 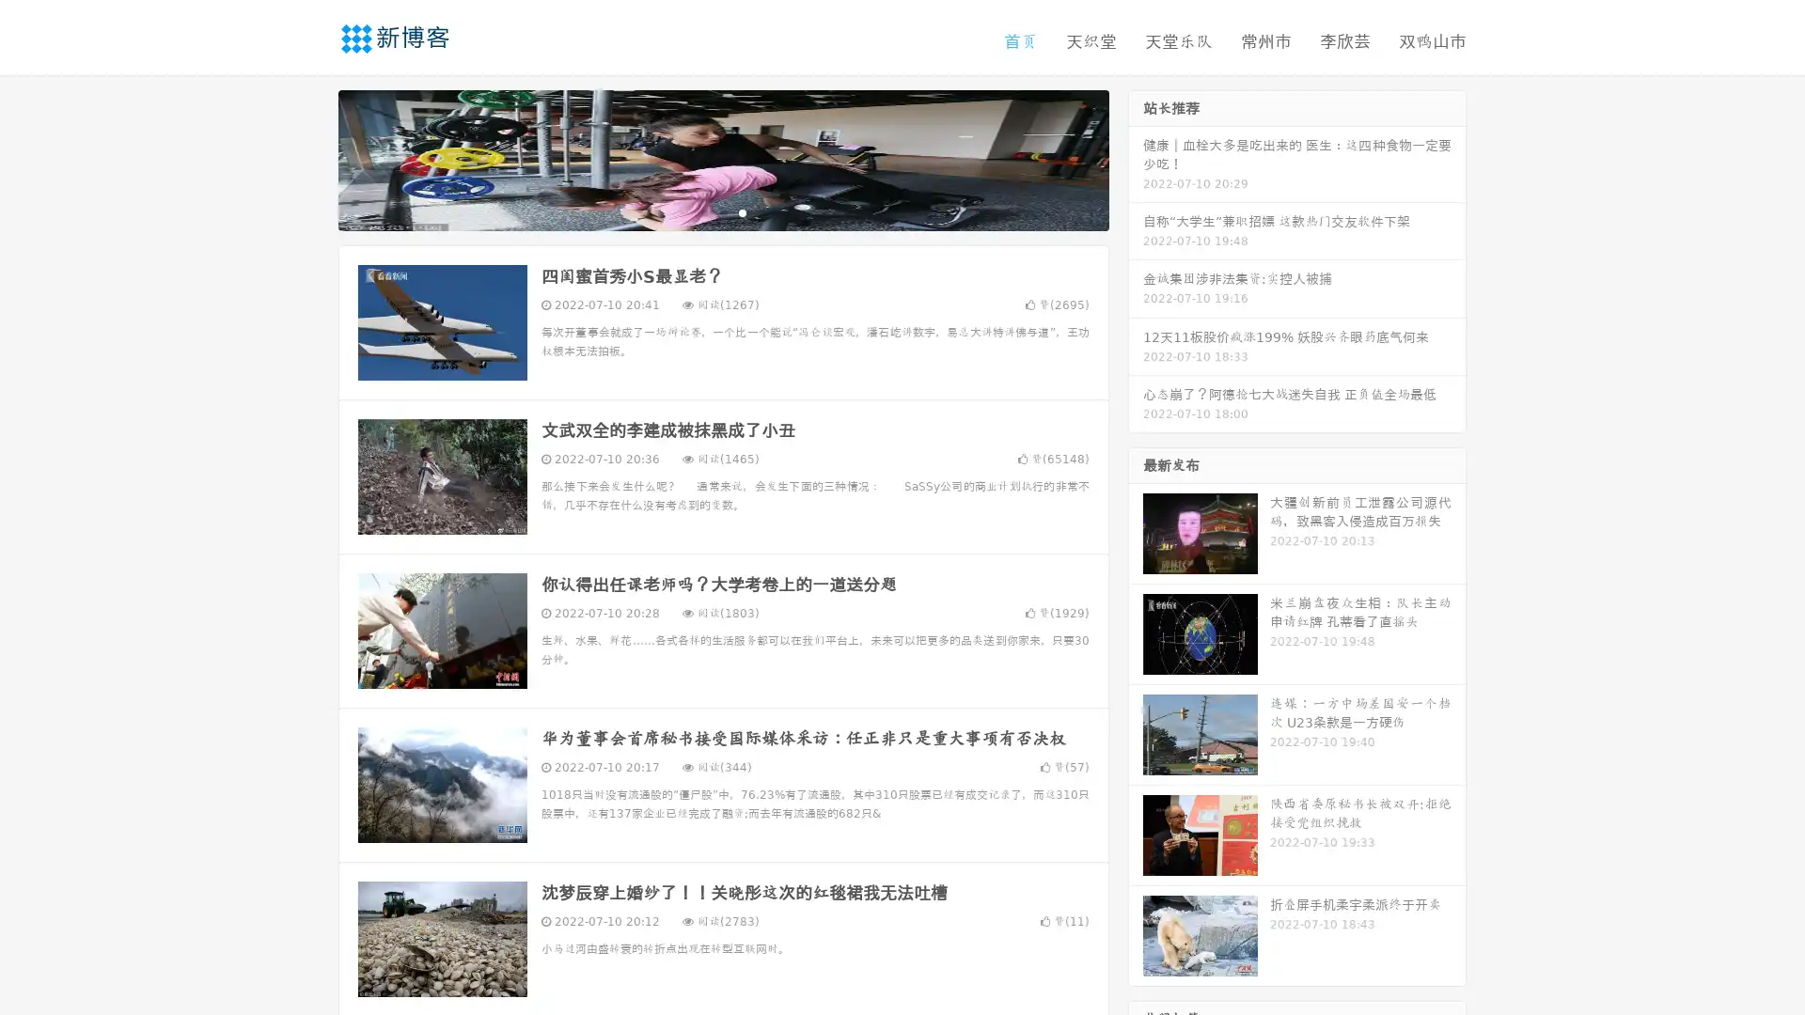 What do you see at coordinates (310, 158) in the screenshot?
I see `Previous slide` at bounding box center [310, 158].